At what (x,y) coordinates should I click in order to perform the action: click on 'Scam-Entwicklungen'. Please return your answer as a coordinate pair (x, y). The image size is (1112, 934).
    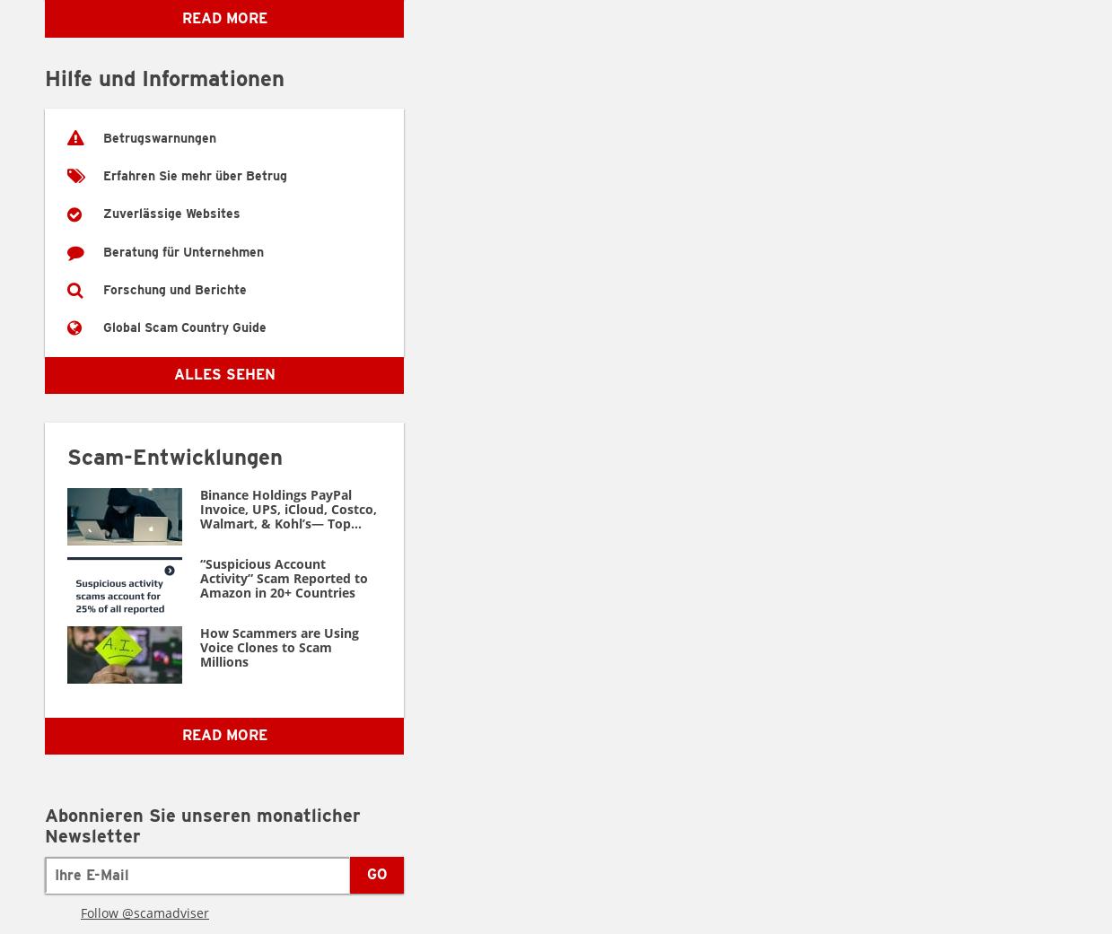
    Looking at the image, I should click on (174, 456).